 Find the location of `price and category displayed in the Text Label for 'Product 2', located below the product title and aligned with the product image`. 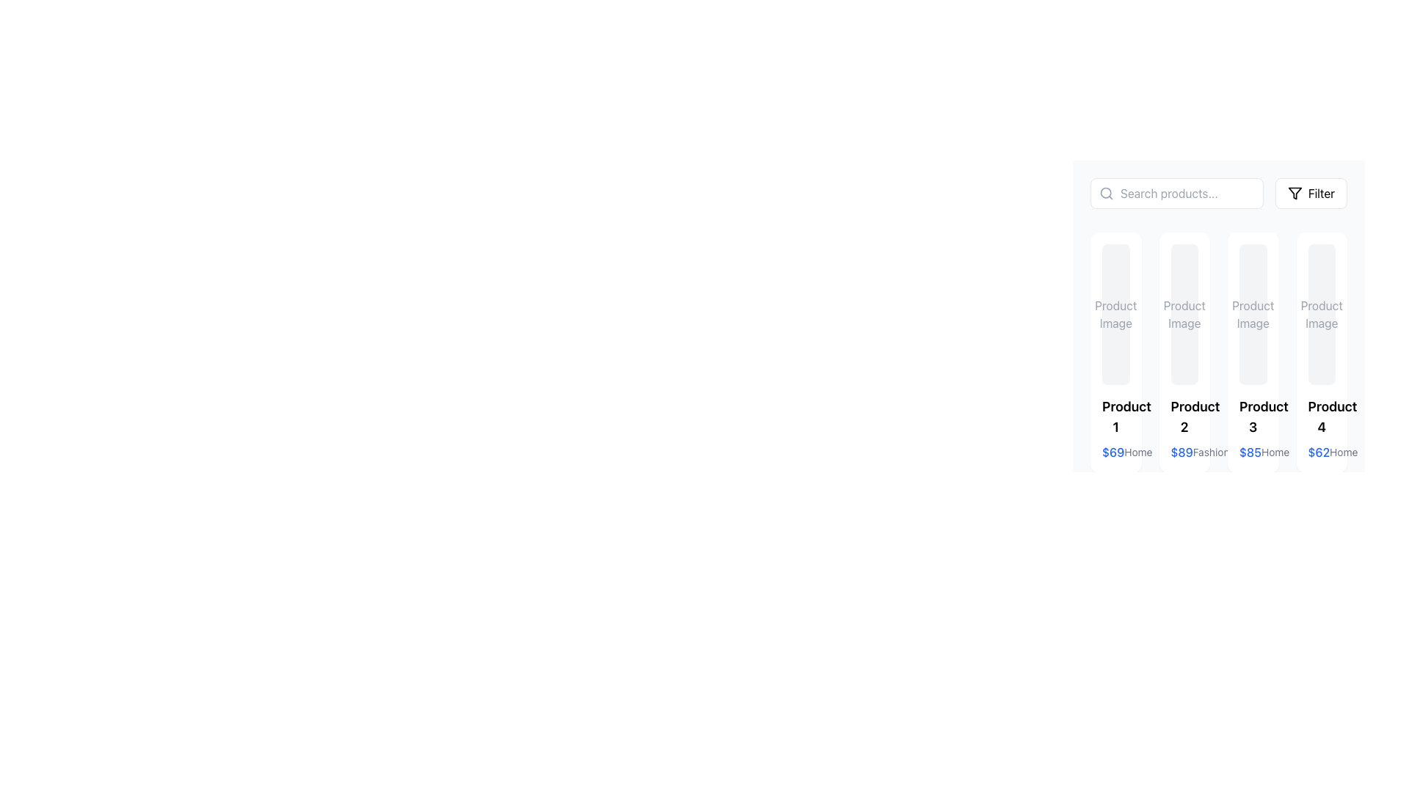

price and category displayed in the Text Label for 'Product 2', located below the product title and aligned with the product image is located at coordinates (1184, 452).